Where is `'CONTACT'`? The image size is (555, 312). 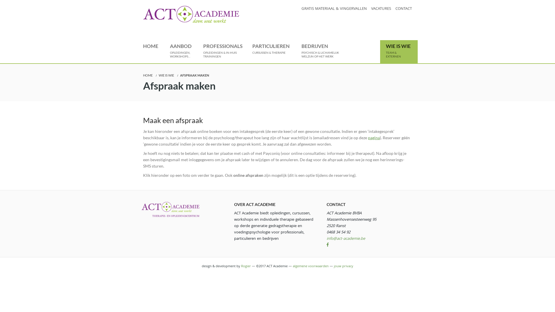 'CONTACT' is located at coordinates (403, 9).